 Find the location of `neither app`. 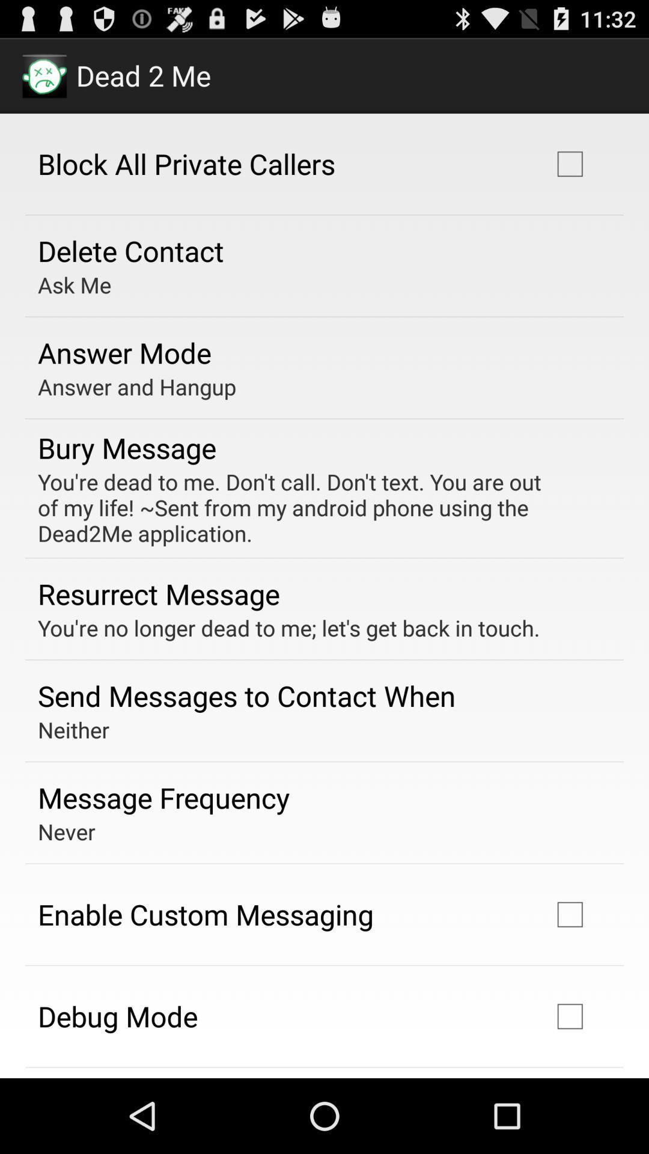

neither app is located at coordinates (73, 729).